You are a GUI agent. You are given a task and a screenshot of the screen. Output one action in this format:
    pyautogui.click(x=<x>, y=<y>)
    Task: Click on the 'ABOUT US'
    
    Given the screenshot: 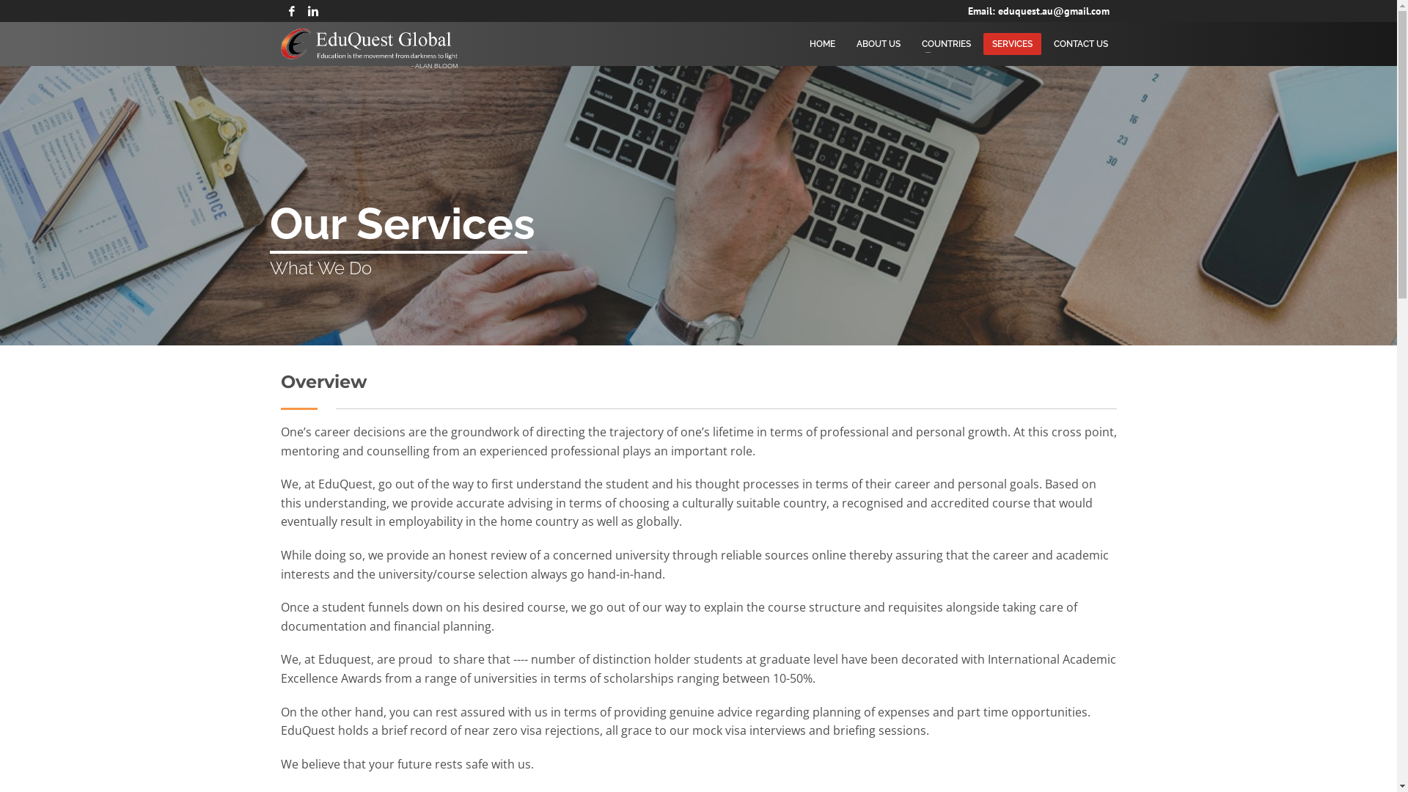 What is the action you would take?
    pyautogui.click(x=848, y=43)
    